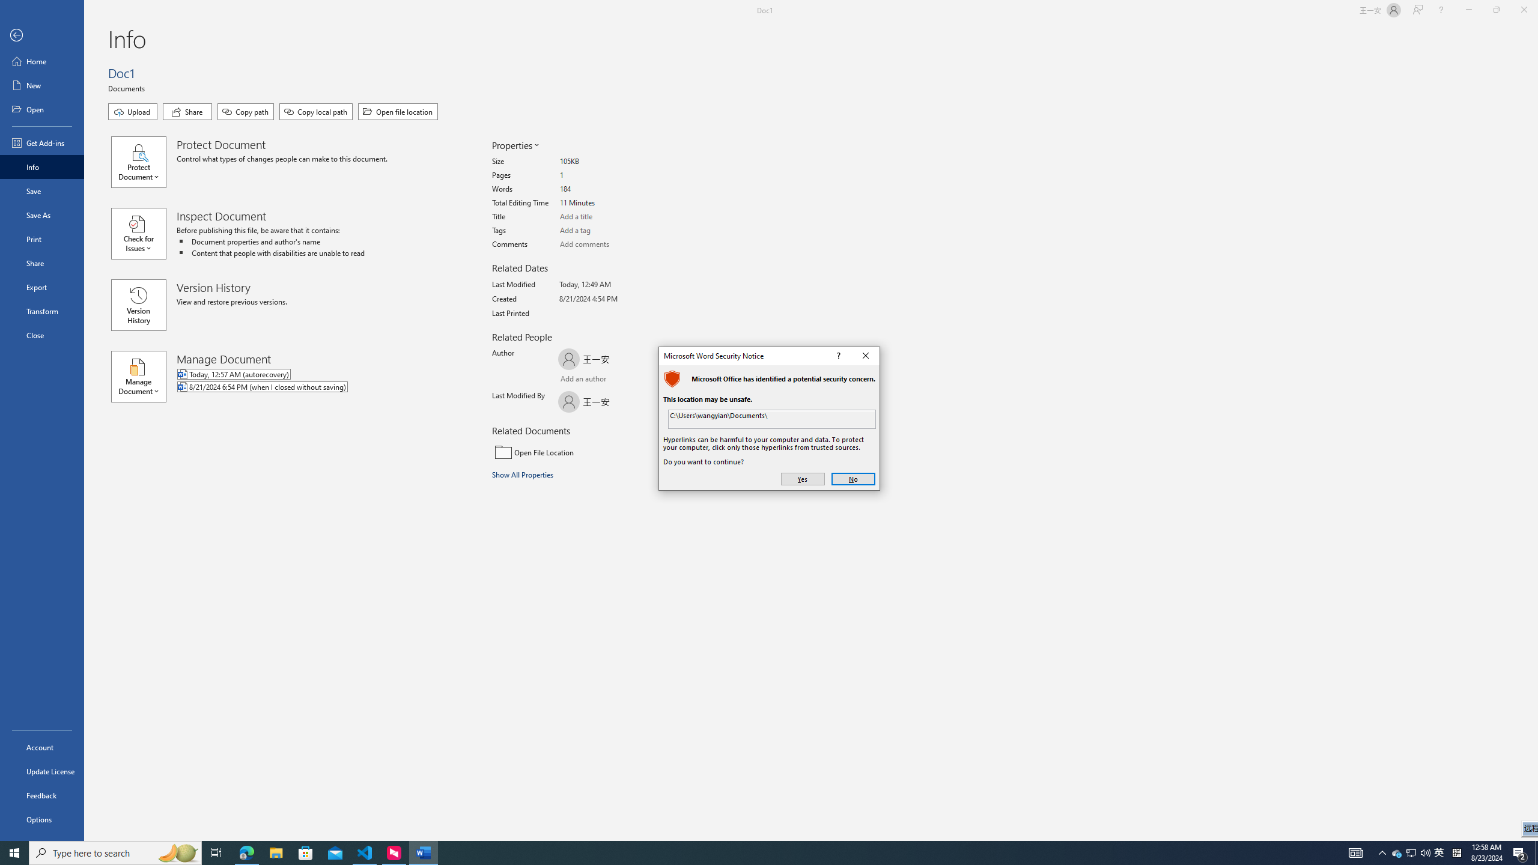 This screenshot has height=865, width=1538. I want to click on 'New', so click(41, 85).